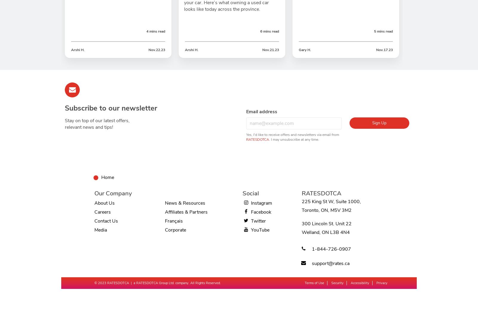  I want to click on 'Media', so click(100, 229).